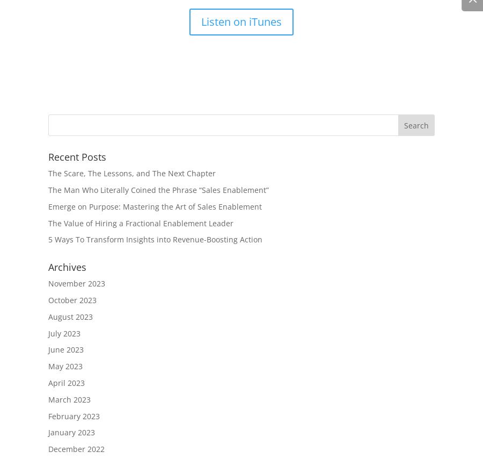  I want to click on 'May 2023', so click(65, 365).